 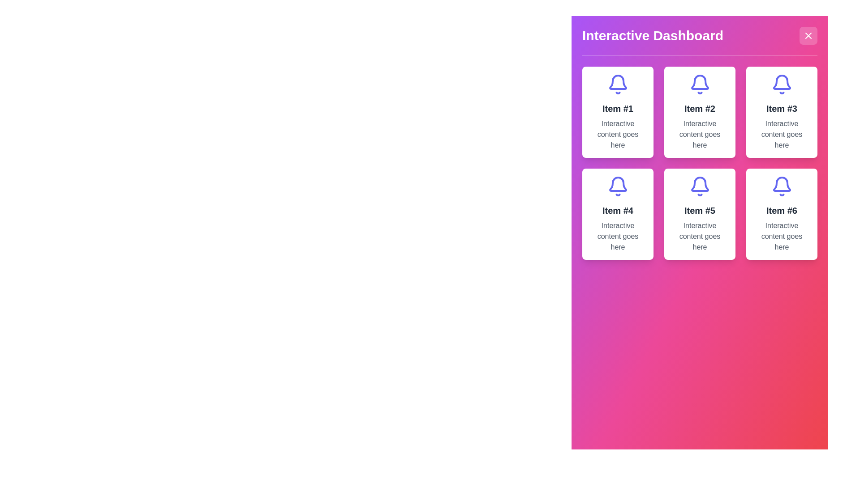 I want to click on the text element stating 'Interactive content goes here', which is located beneath the title 'Item #4' in a card-like structure in the bottom-left of a 2x3 grid of cards, so click(x=617, y=236).